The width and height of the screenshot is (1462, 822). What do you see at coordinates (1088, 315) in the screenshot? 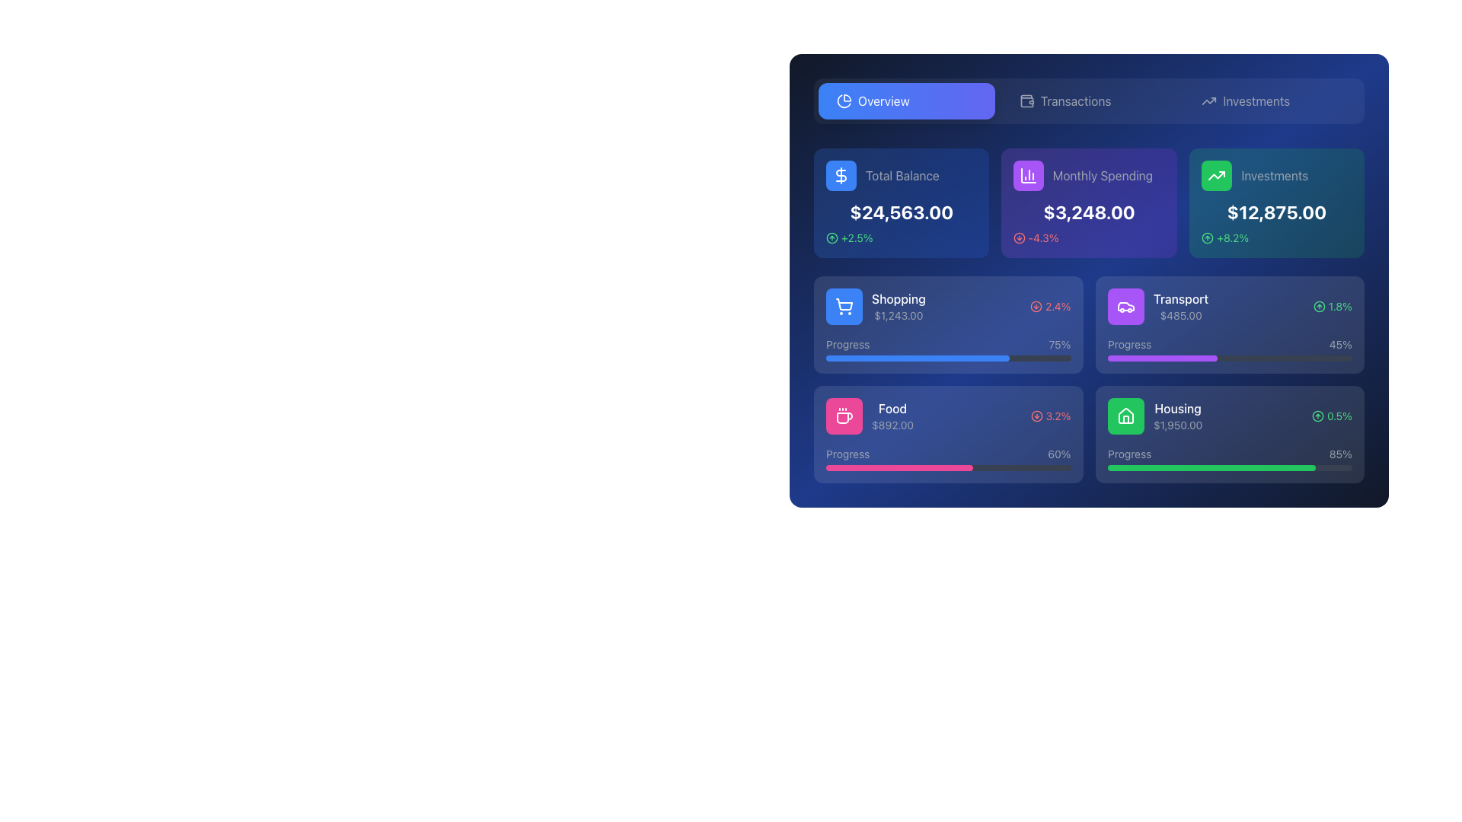
I see `the grid layout section displaying financial data` at bounding box center [1088, 315].